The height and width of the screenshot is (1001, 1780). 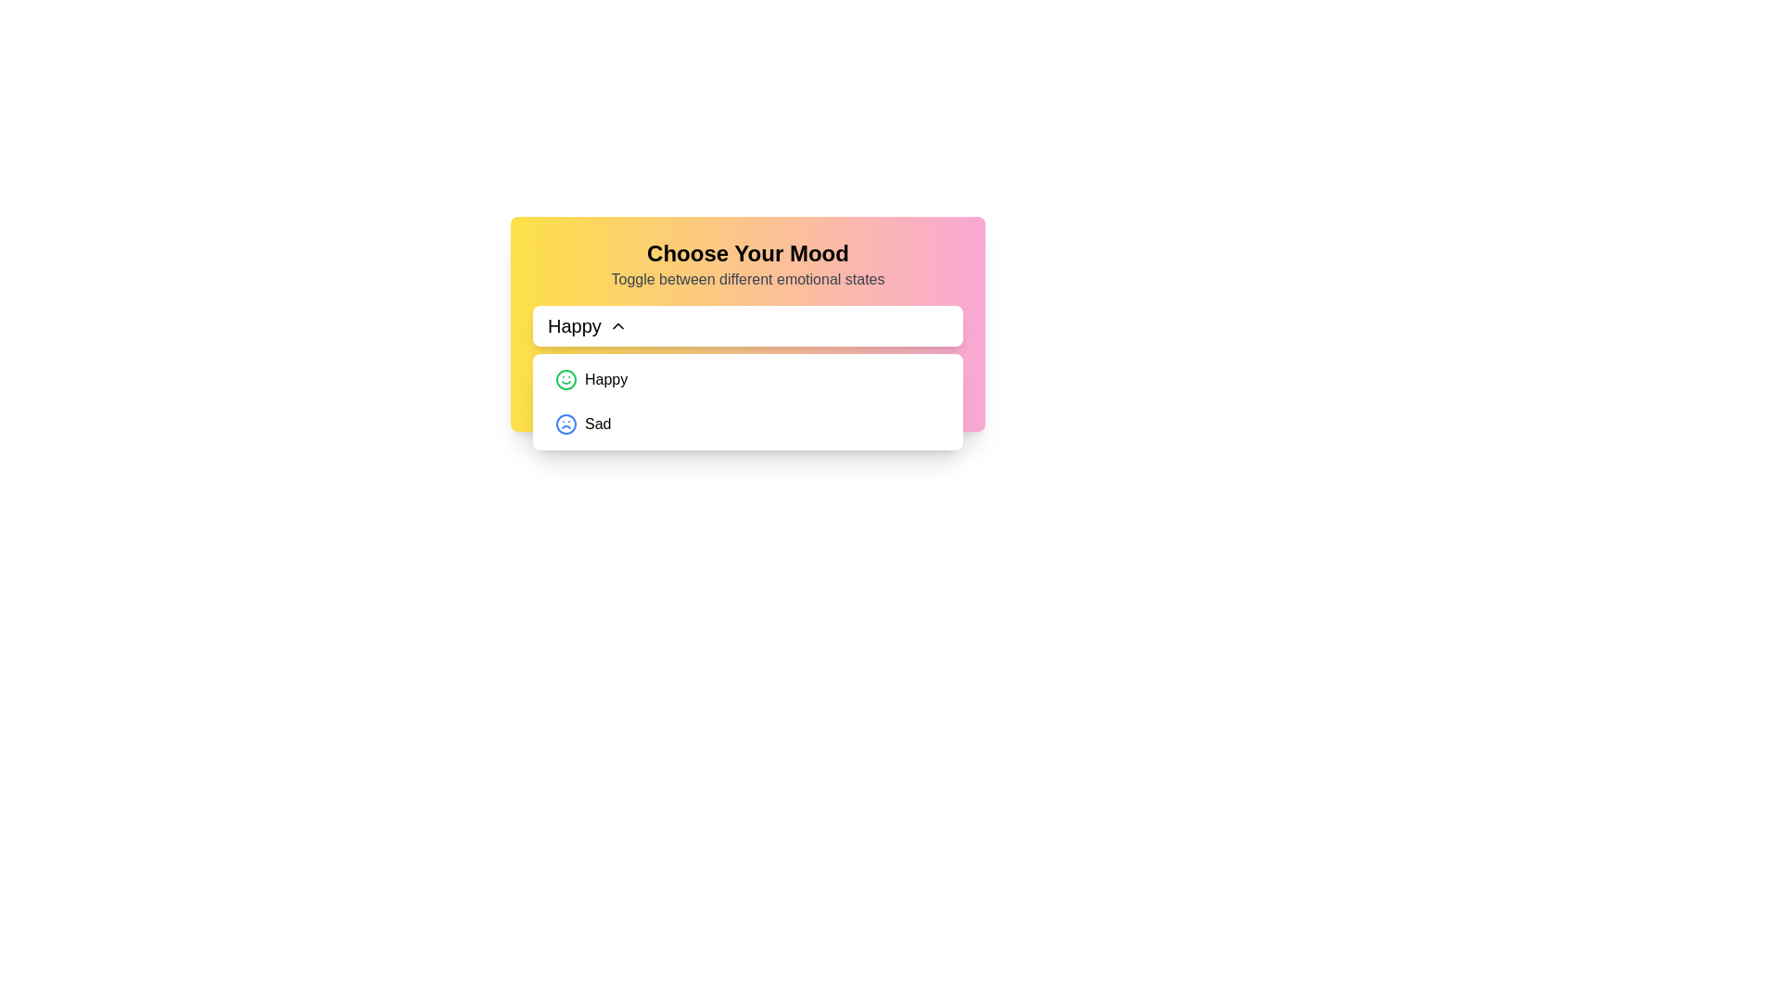 I want to click on the 'Sad' button, which is a text-button pair with a blue sad face icon and black text, located in the dropdown list under the 'Choose Your Mood' section as the second option, so click(x=582, y=424).